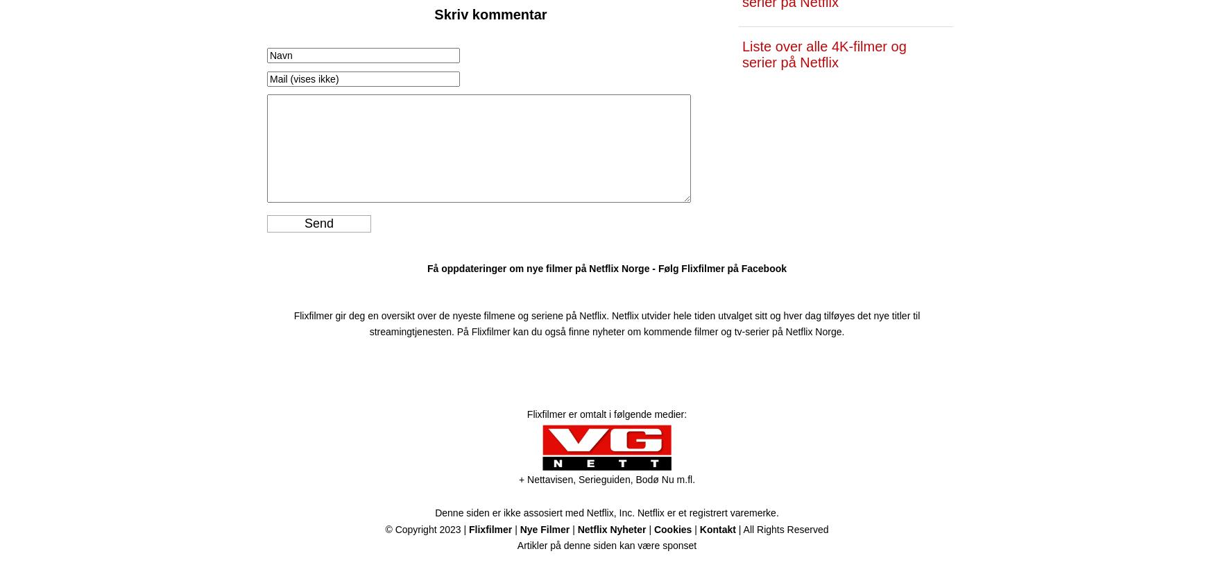 This screenshot has height=565, width=1214. I want to click on '© Copyright 2023 |', so click(427, 528).